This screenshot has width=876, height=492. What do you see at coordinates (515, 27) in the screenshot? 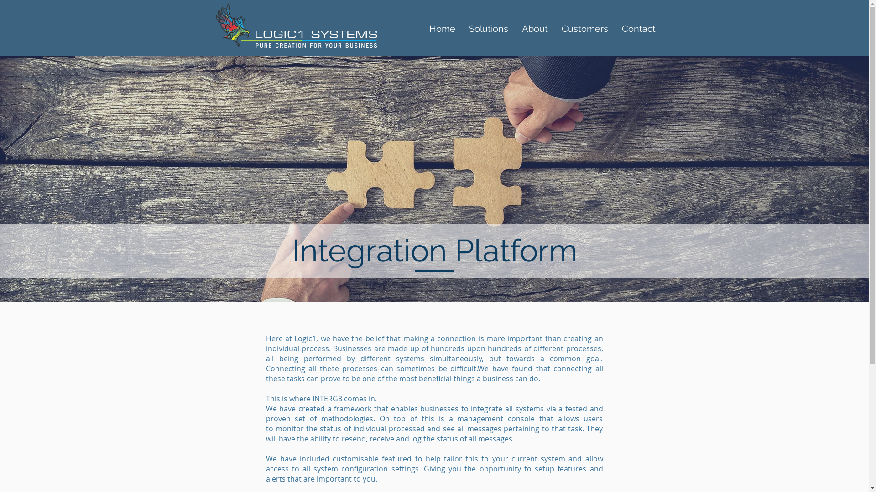
I see `'About'` at bounding box center [515, 27].